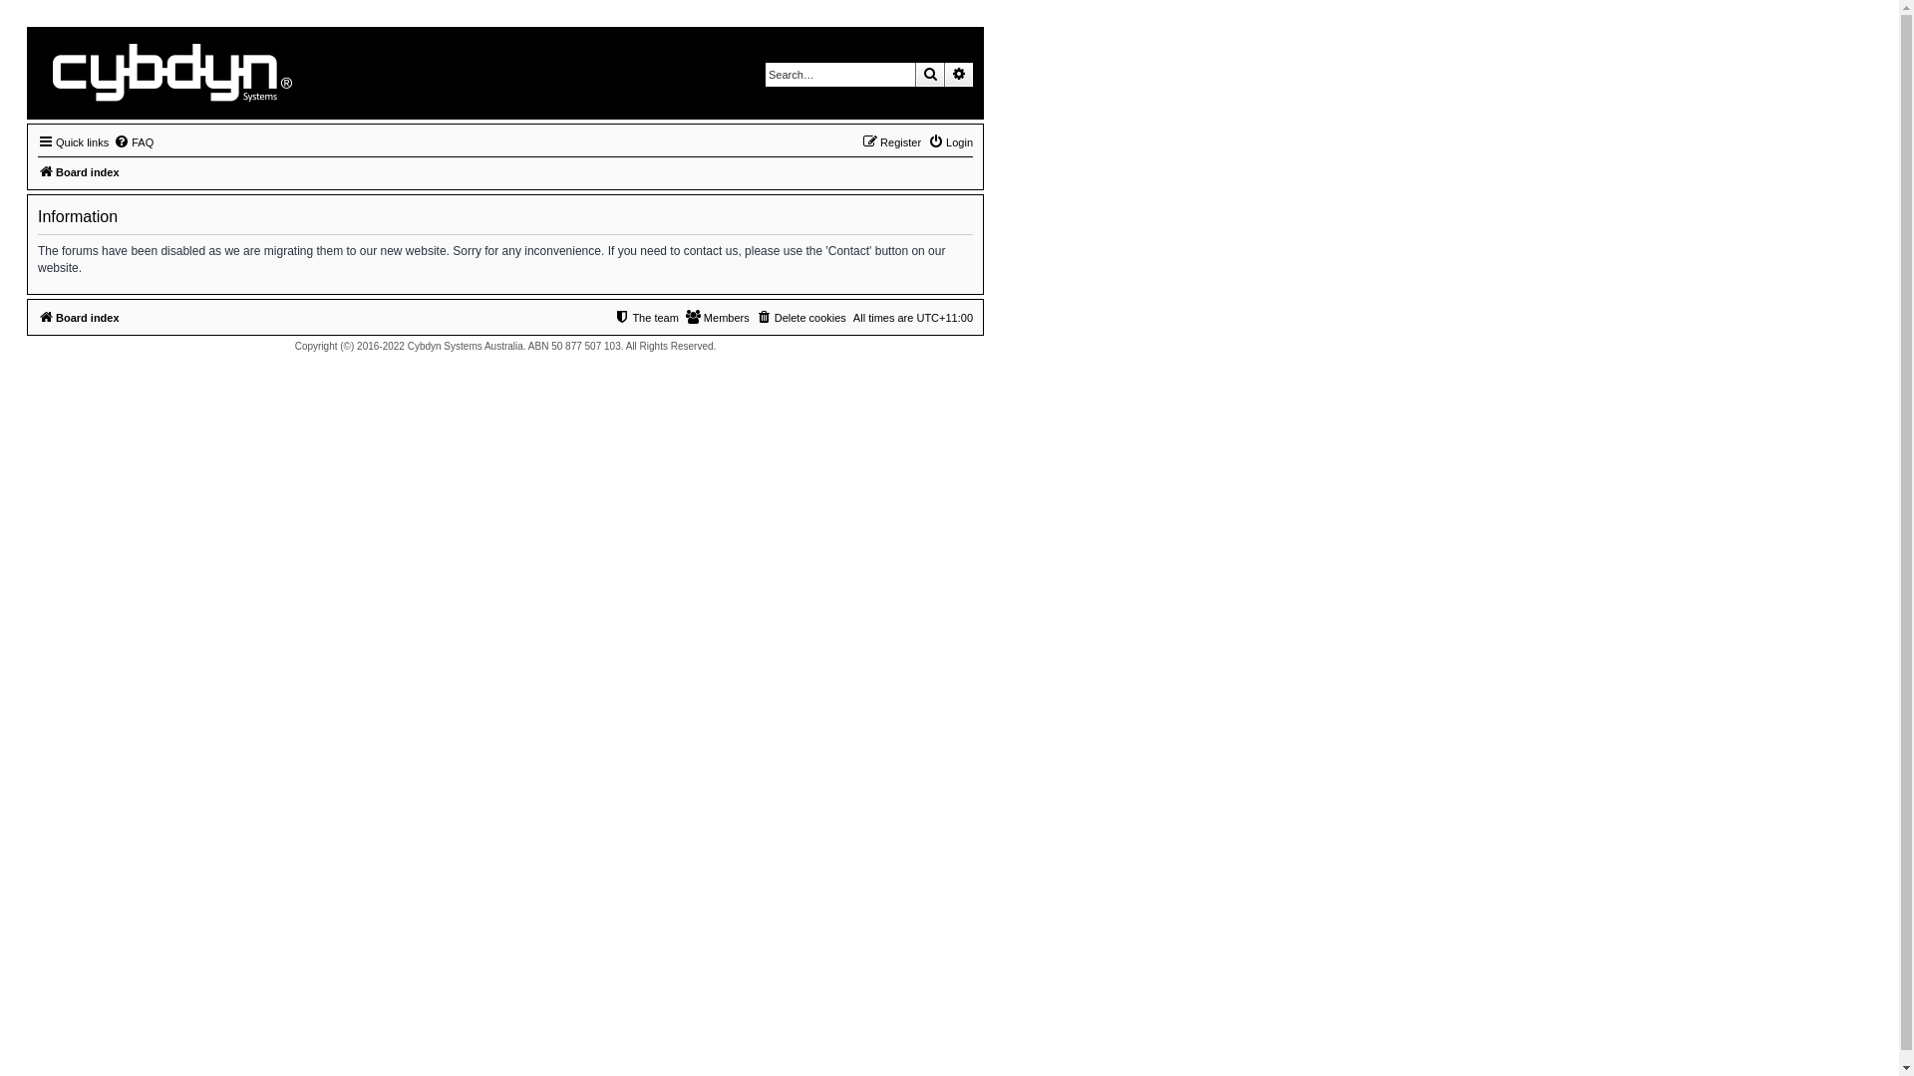 This screenshot has height=1076, width=1914. I want to click on 'Advanced search', so click(958, 73).